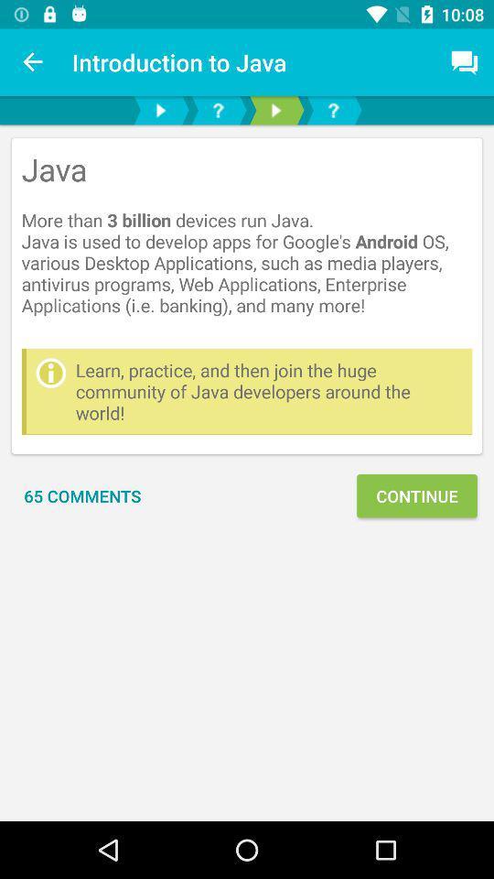 Image resolution: width=494 pixels, height=879 pixels. I want to click on the continue icon, so click(416, 495).